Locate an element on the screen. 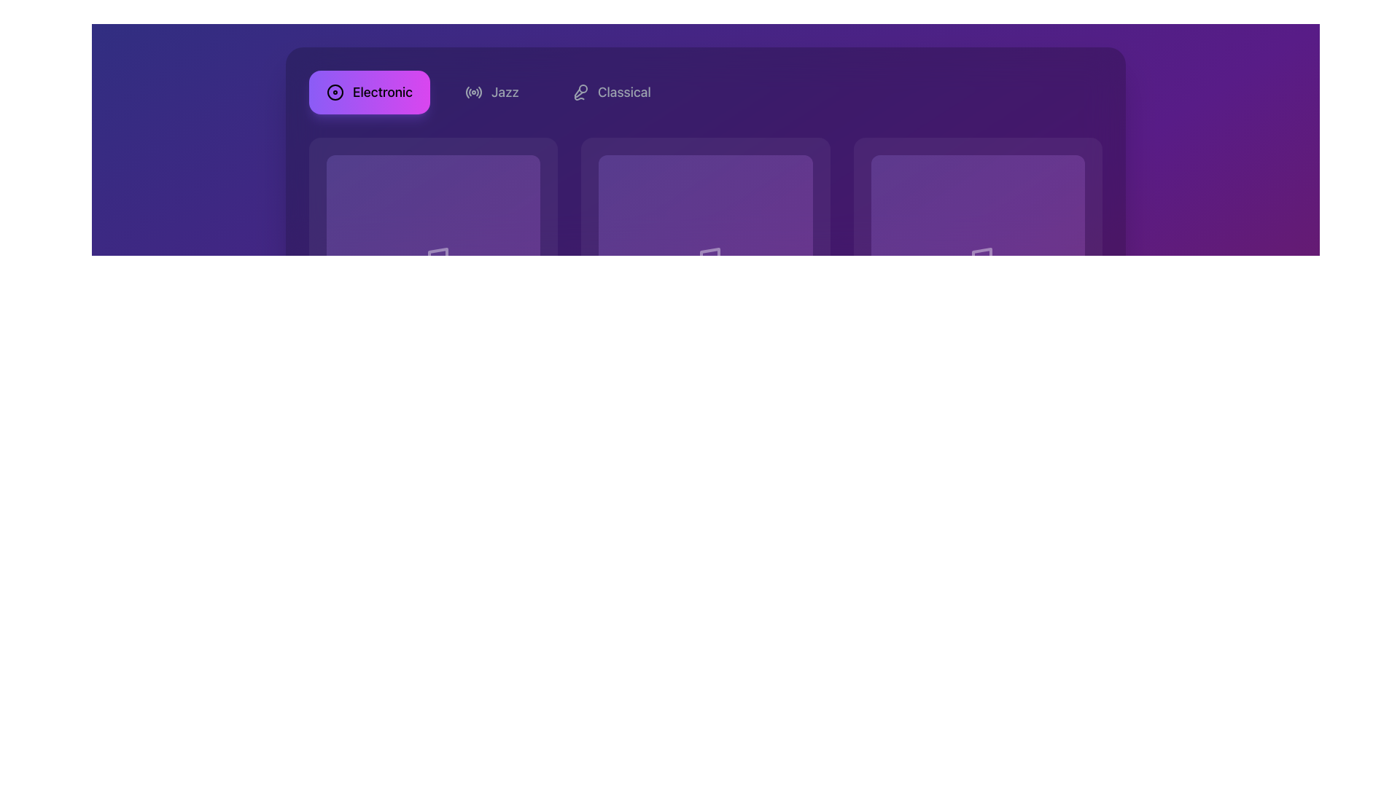 The width and height of the screenshot is (1400, 787). the 'Jazz' button, which is the second button in a series of three, positioned between 'Electronic' and 'Classical' is located at coordinates (491, 93).